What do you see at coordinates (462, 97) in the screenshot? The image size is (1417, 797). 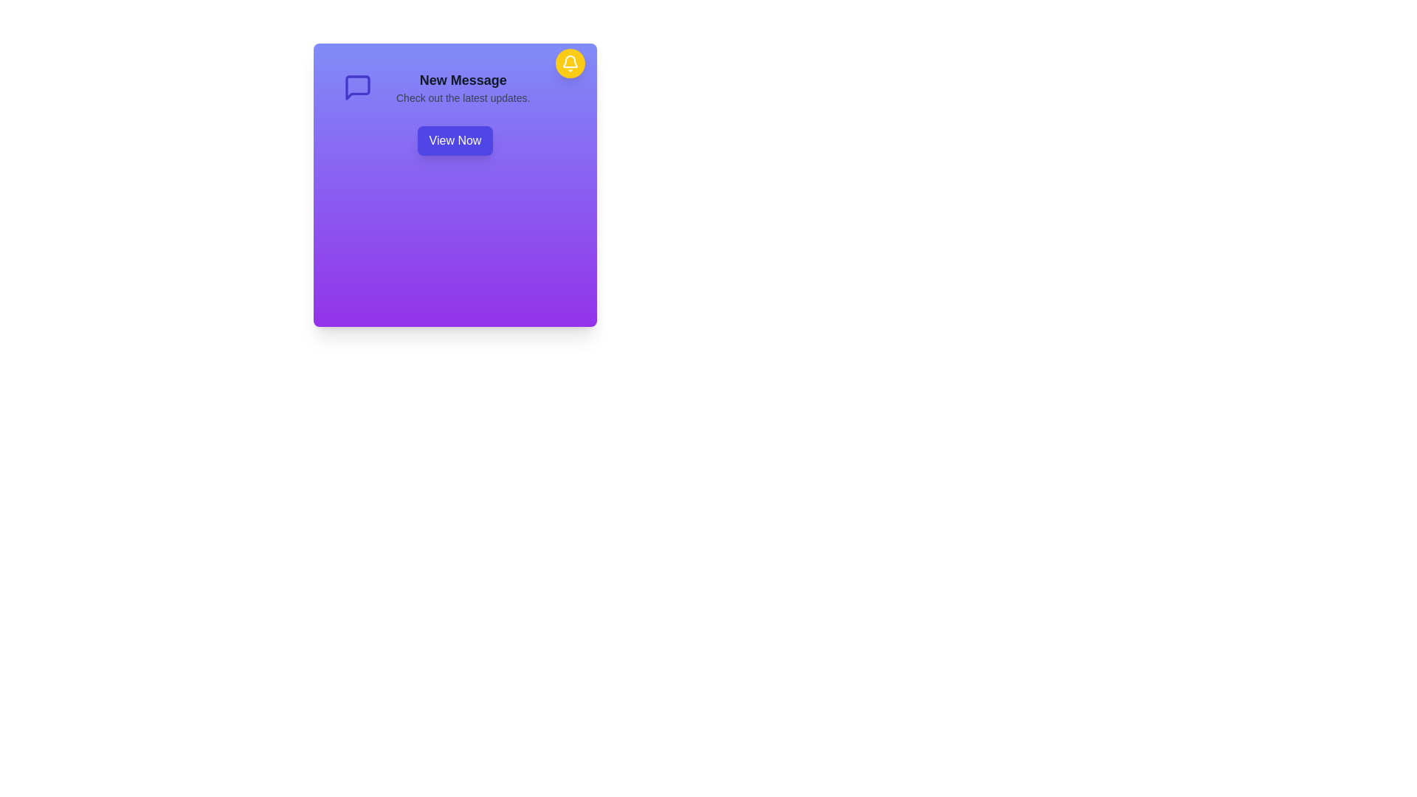 I see `text component displaying the message 'Check out the latest updates.' which is styled in small gray font and located below the 'New Message' header` at bounding box center [462, 97].